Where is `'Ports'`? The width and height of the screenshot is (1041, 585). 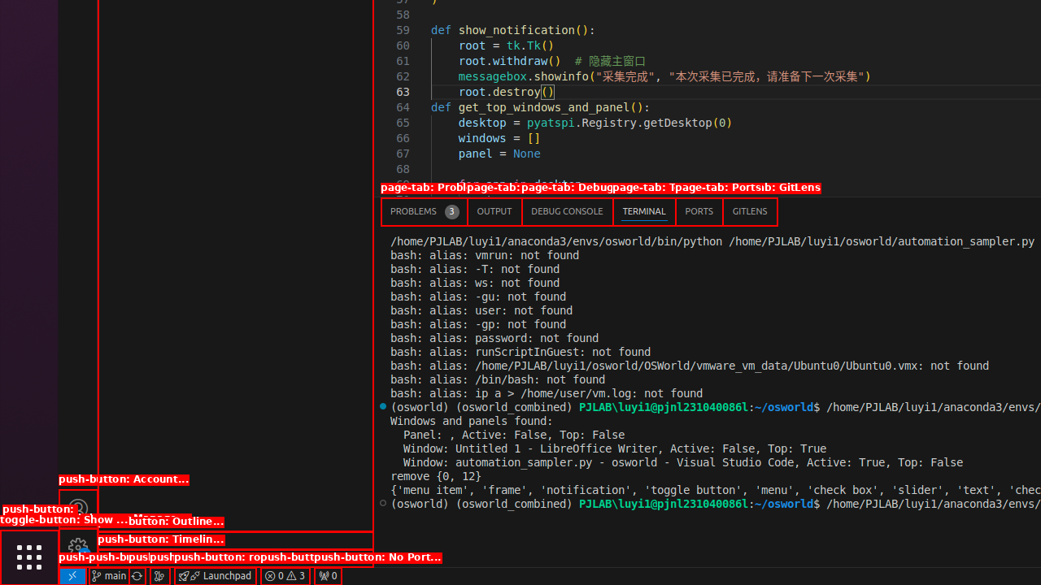
'Ports' is located at coordinates (699, 210).